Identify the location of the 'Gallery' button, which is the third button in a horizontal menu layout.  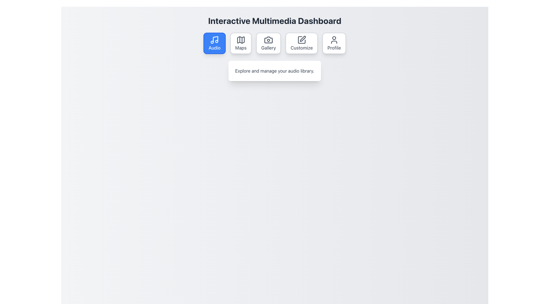
(274, 43).